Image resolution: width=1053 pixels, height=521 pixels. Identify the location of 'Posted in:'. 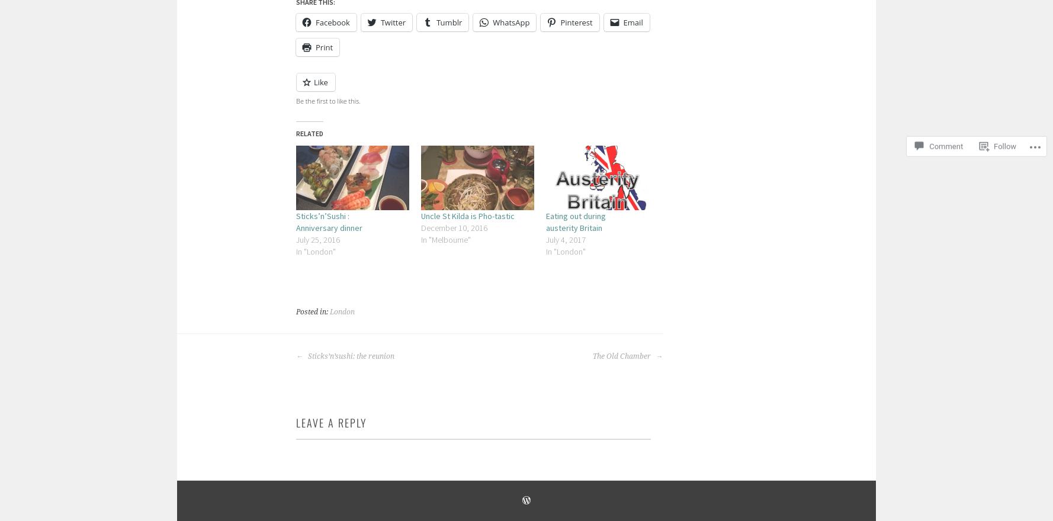
(295, 310).